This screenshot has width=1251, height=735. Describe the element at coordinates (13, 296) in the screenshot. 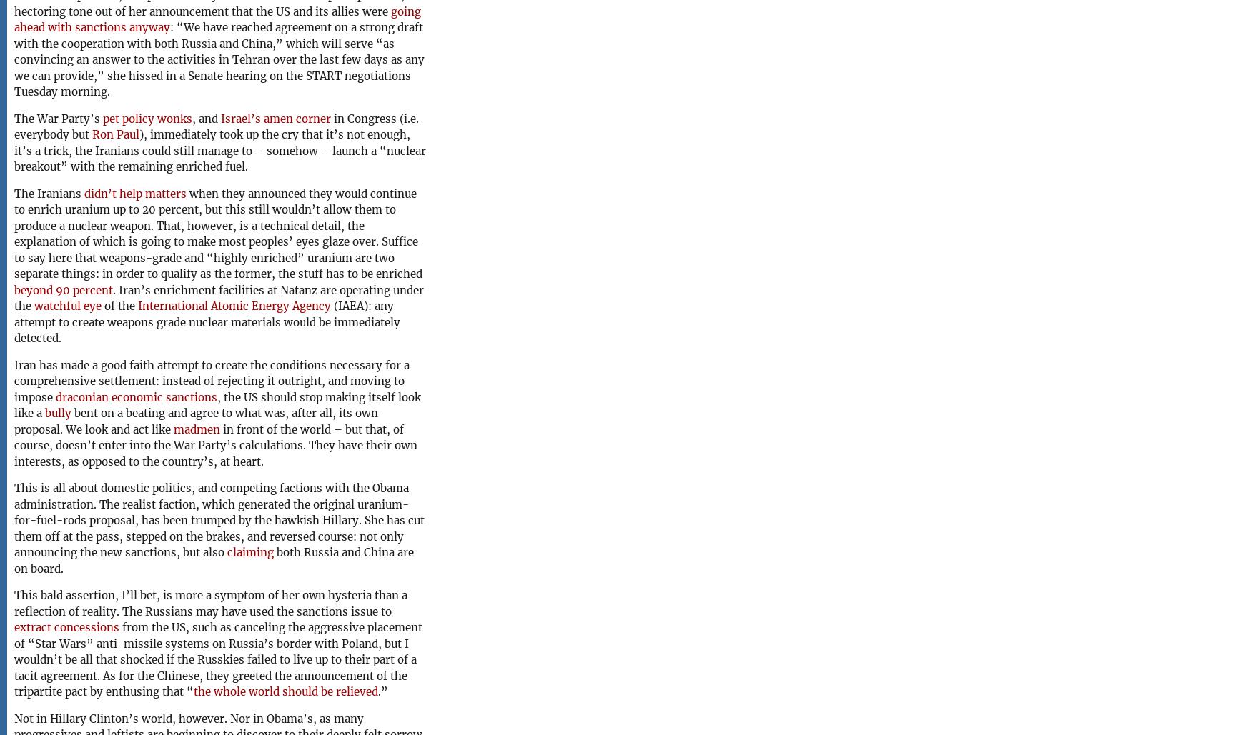

I see `'.
Iran’s enrichment facilities at Natanz are operating under the'` at that location.